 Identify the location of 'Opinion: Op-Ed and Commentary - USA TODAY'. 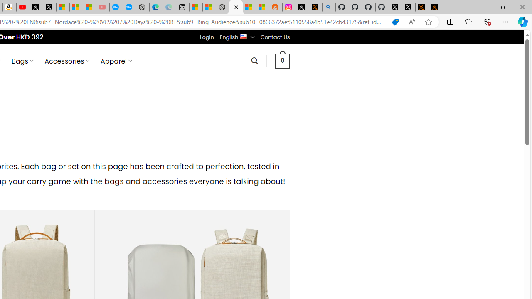
(116, 7).